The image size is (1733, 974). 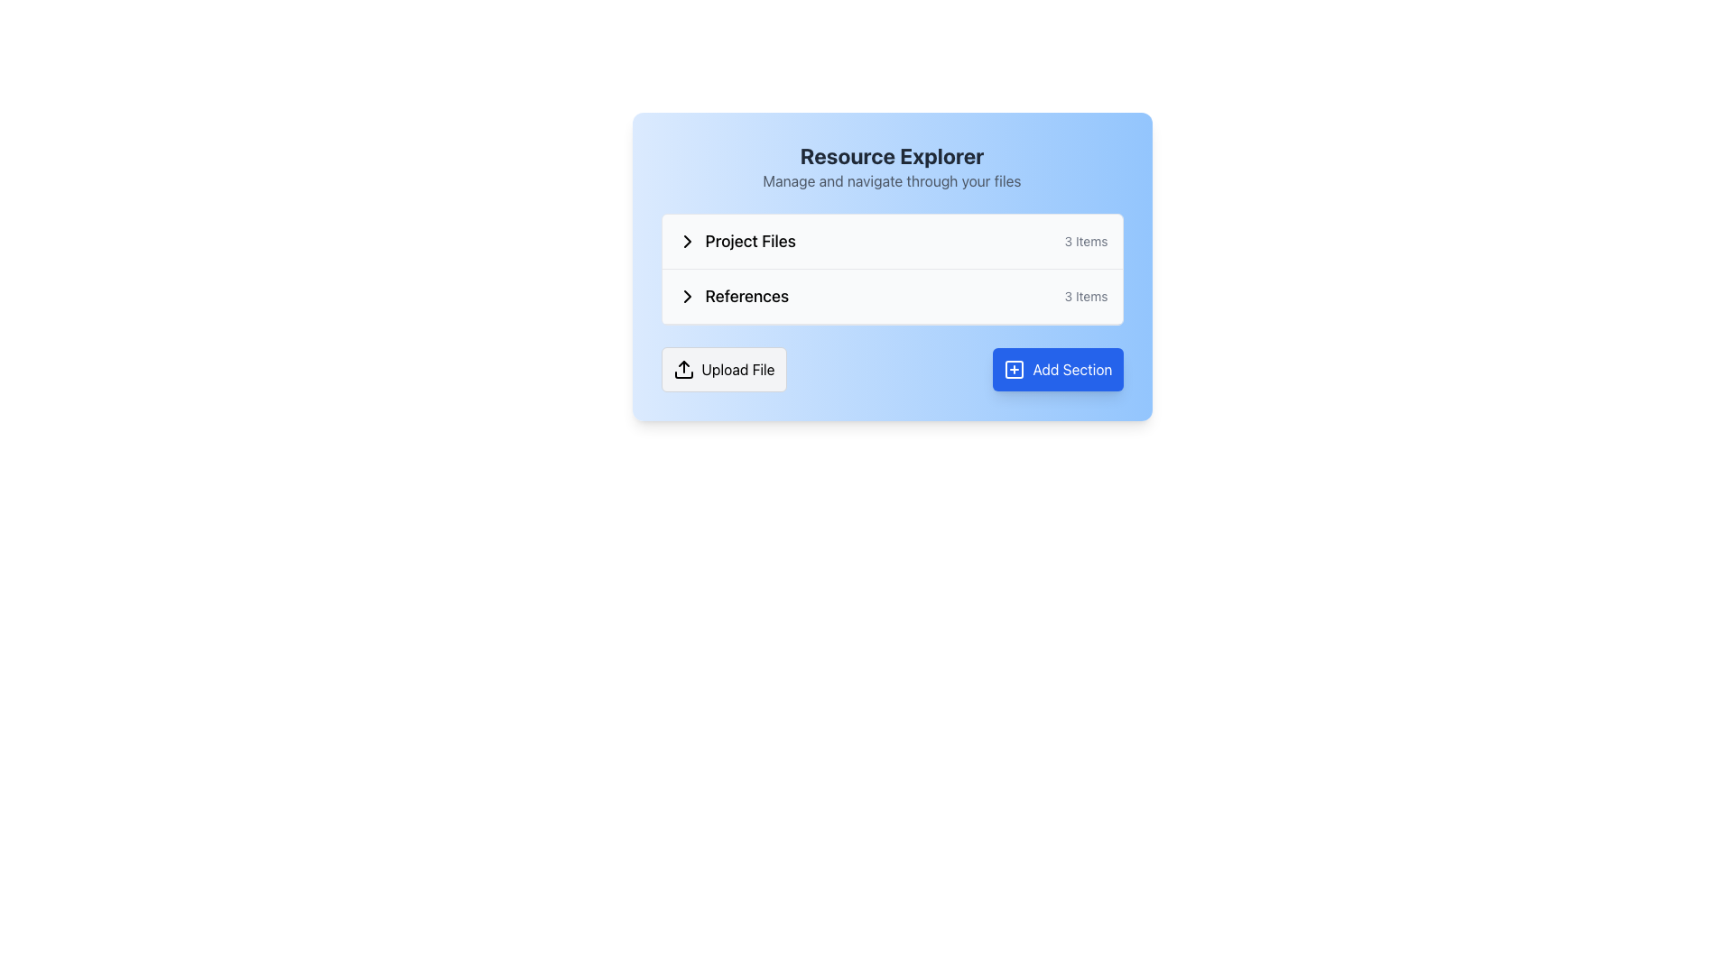 What do you see at coordinates (686, 240) in the screenshot?
I see `the right-pointing chevron icon located in the 'Project Files' section` at bounding box center [686, 240].